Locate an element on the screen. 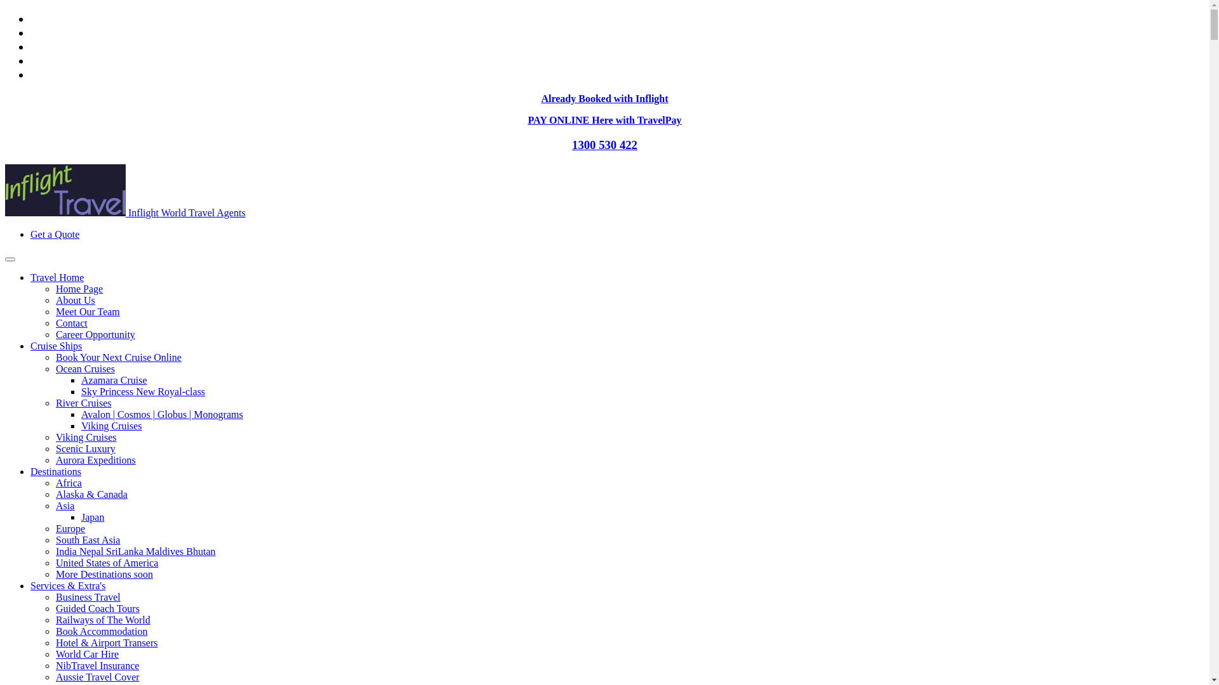  'Viking Cruises' is located at coordinates (55, 436).